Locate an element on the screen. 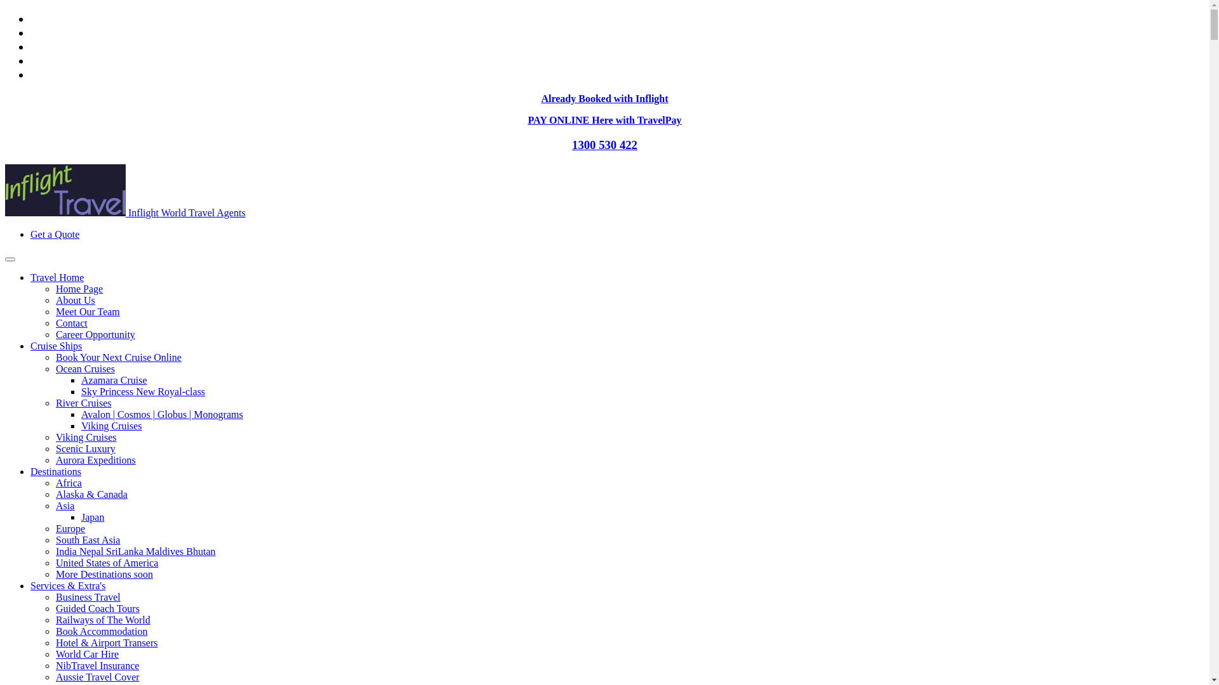  'Viking Cruises' is located at coordinates (55, 436).